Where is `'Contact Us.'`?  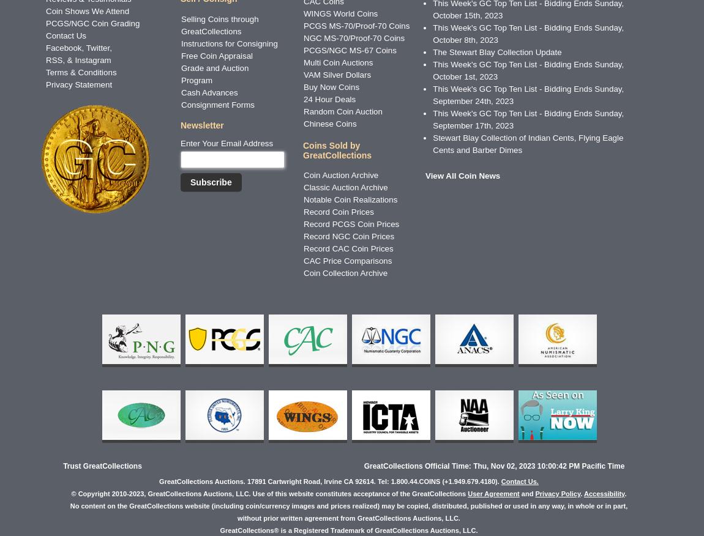 'Contact Us.' is located at coordinates (519, 480).